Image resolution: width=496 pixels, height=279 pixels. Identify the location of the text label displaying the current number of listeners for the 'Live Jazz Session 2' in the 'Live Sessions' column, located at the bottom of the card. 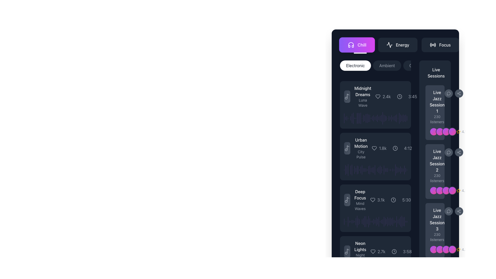
(437, 178).